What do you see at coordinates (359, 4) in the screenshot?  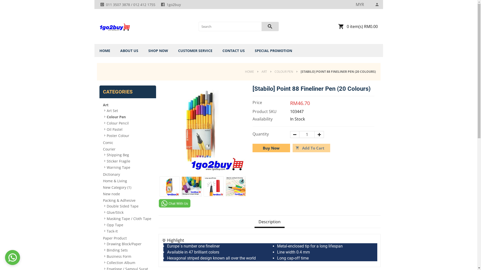 I see `'MYR'` at bounding box center [359, 4].